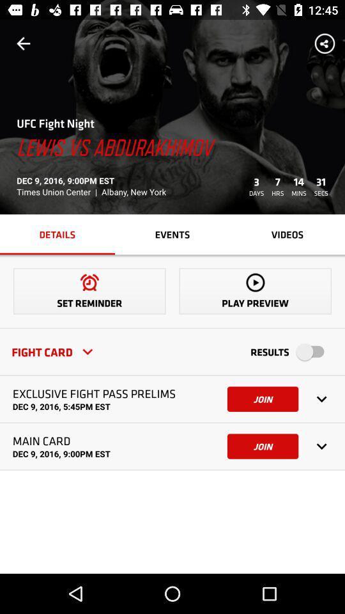  Describe the element at coordinates (321, 398) in the screenshot. I see `the down scroll which is right to the first join` at that location.